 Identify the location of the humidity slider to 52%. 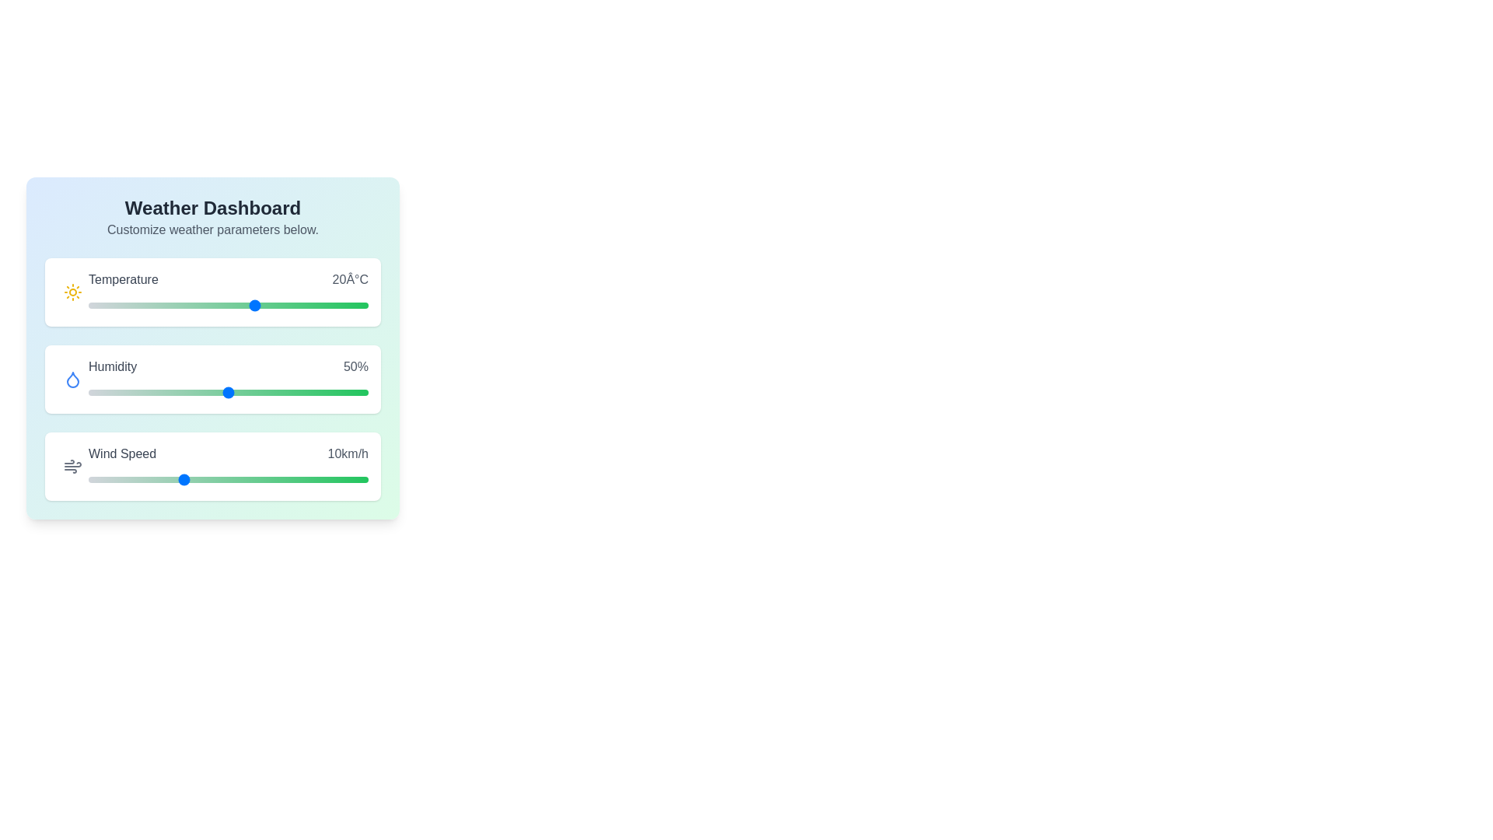
(233, 392).